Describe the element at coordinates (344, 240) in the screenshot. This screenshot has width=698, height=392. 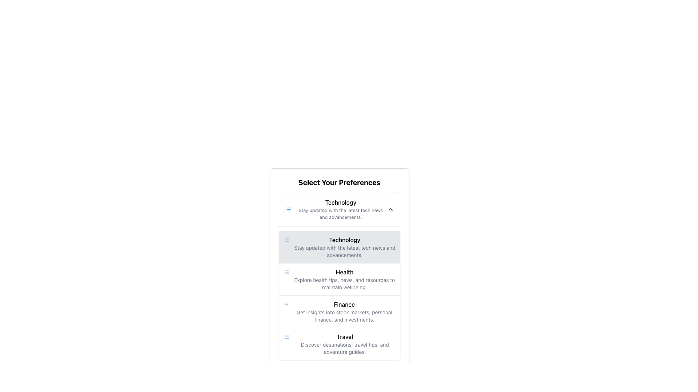
I see `the text label displaying 'Technology' in bold font within the preferences list under 'Select Your Preferences.'` at that location.